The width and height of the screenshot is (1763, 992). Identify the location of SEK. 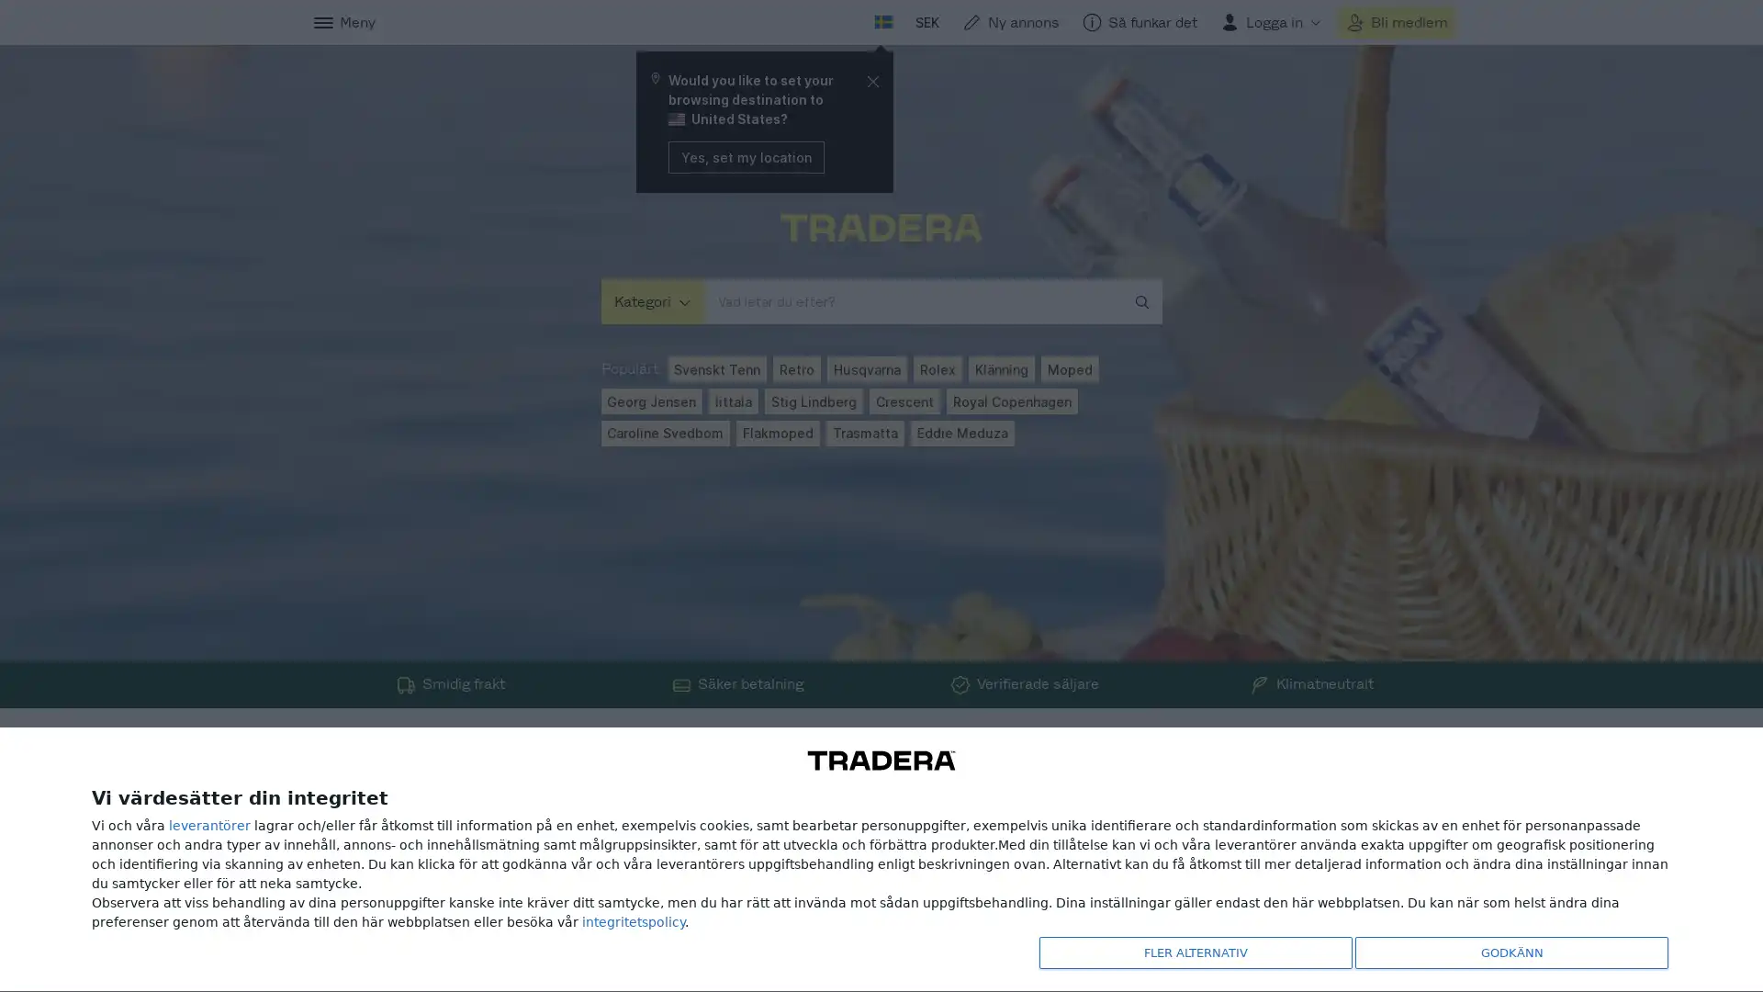
(926, 22).